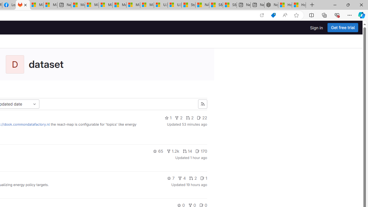 This screenshot has width=368, height=207. Describe the element at coordinates (349, 15) in the screenshot. I see `'Settings and more (Alt+F)'` at that location.